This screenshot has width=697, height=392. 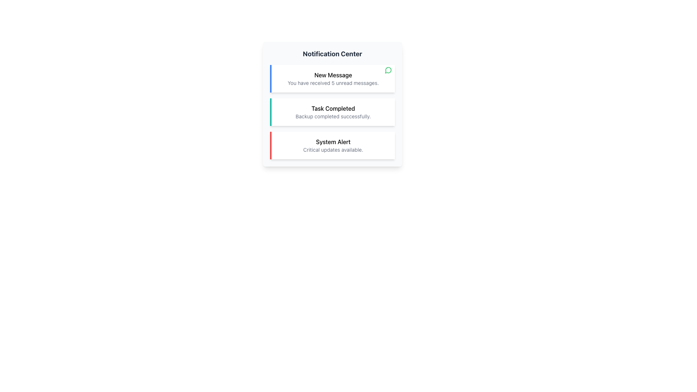 I want to click on the text element that provides additional information related to the 'System Alert' notification, located below the 'System Alert' header in the third notification panel with a red left border, so click(x=333, y=149).